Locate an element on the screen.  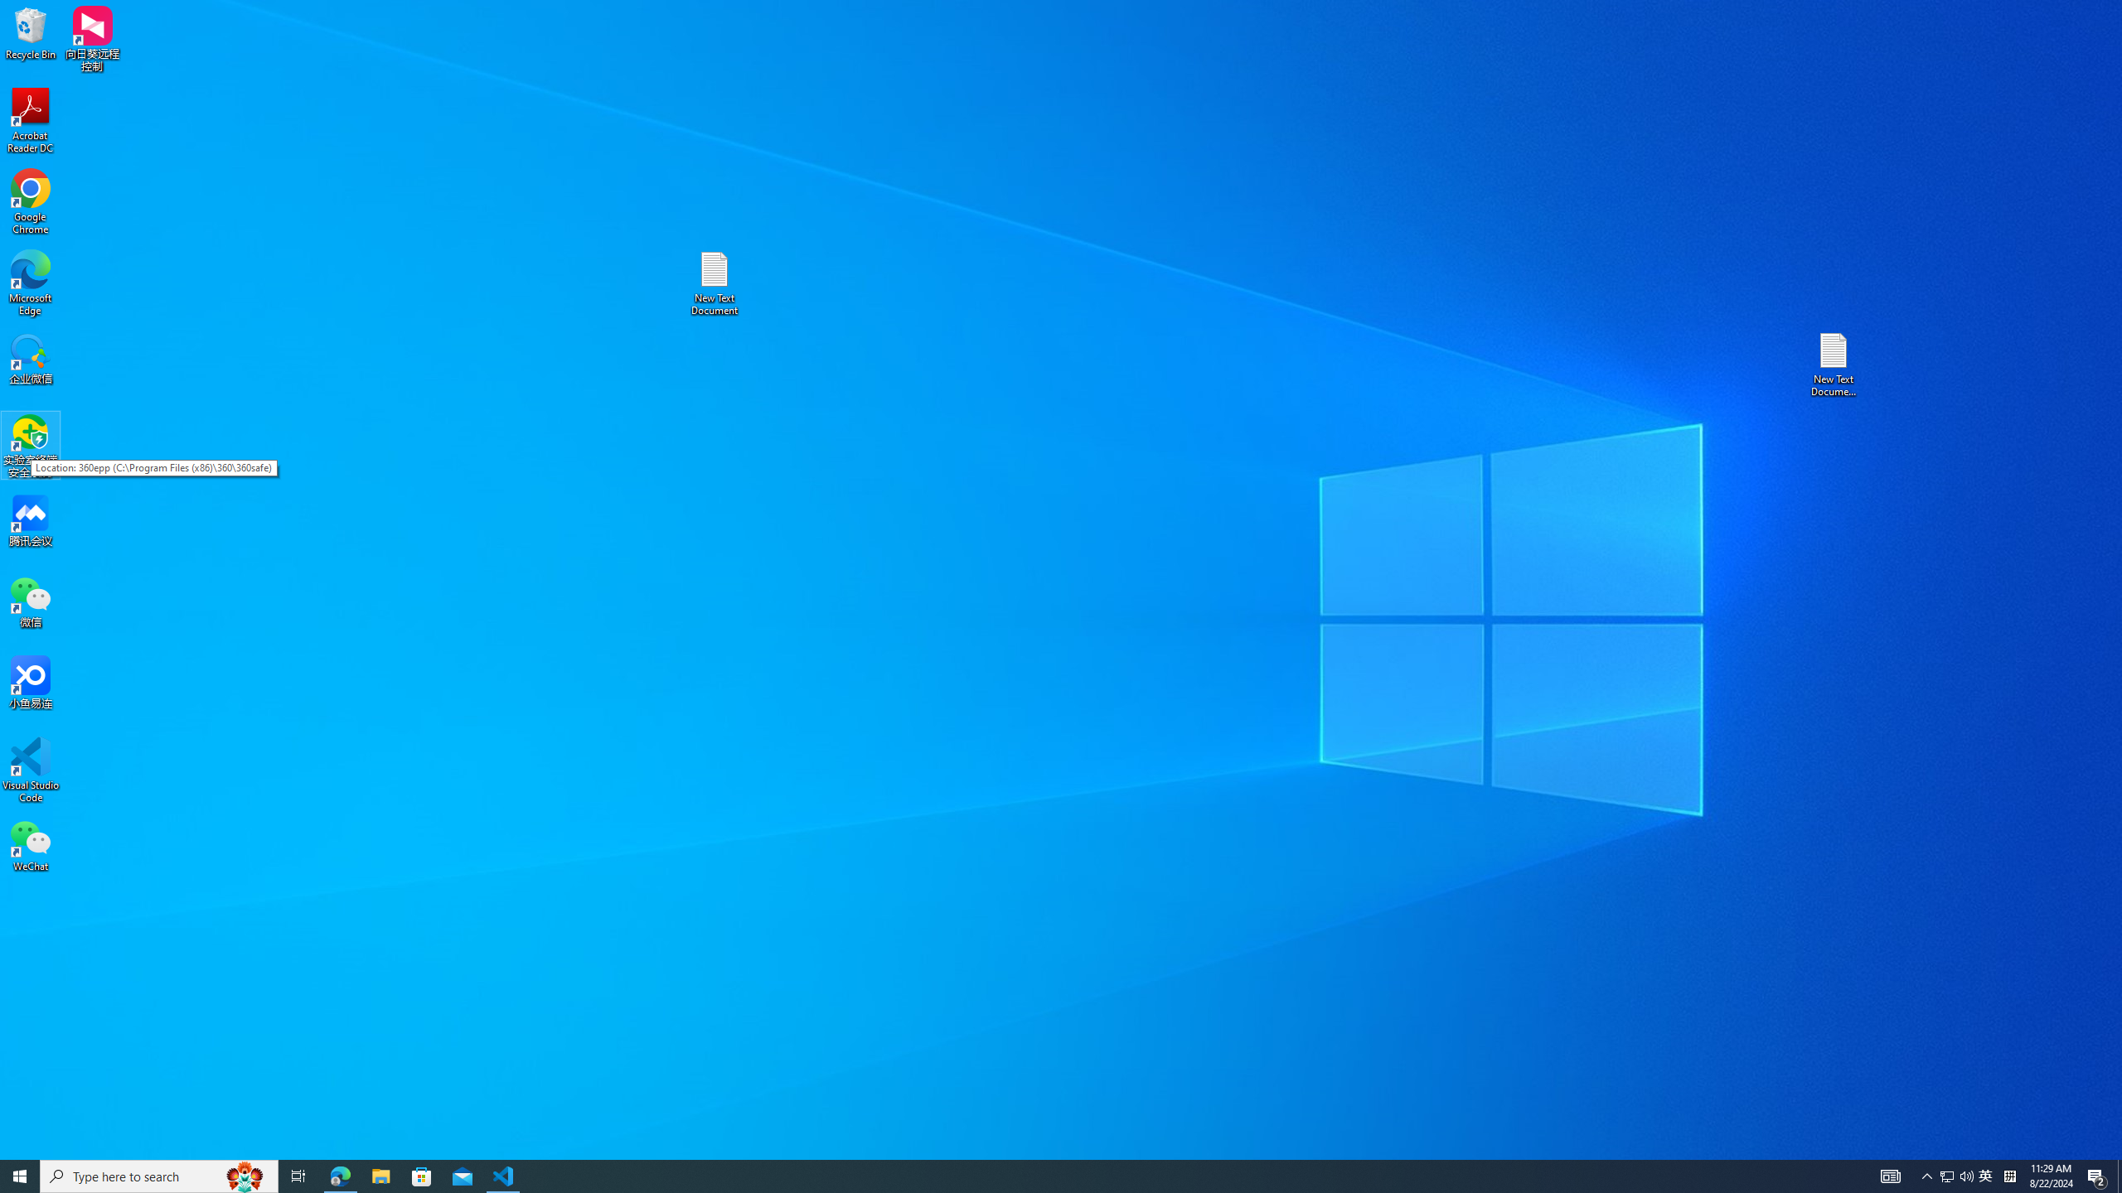
'Running applications' is located at coordinates (158, 1175).